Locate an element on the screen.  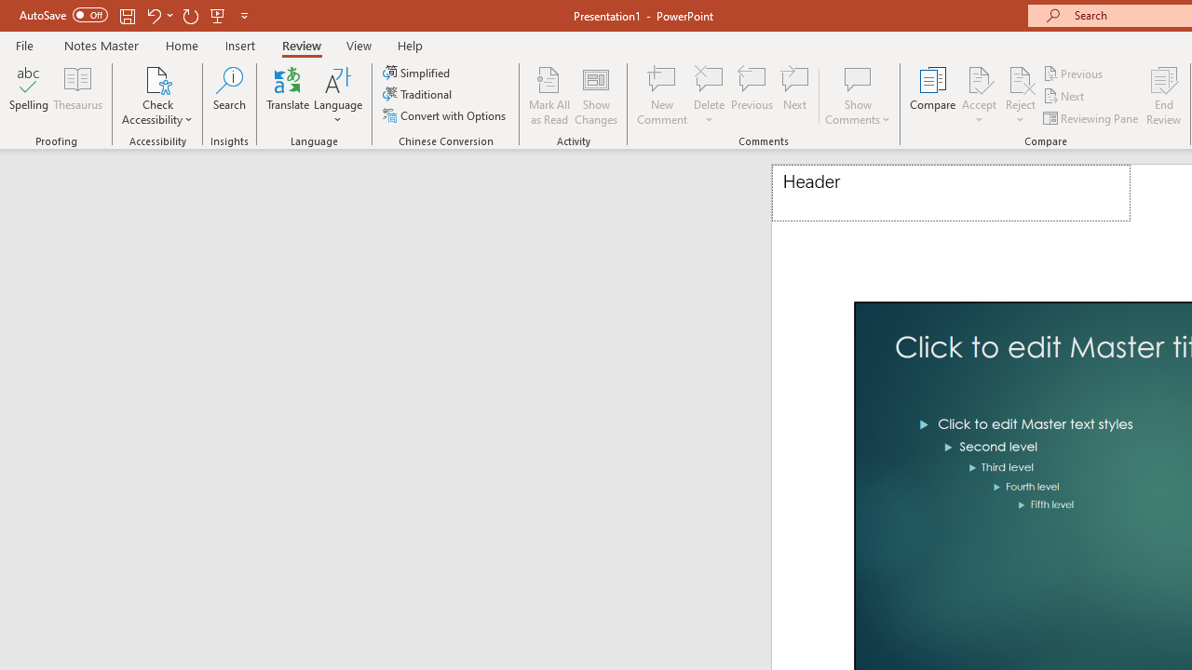
'End Review' is located at coordinates (1162, 96).